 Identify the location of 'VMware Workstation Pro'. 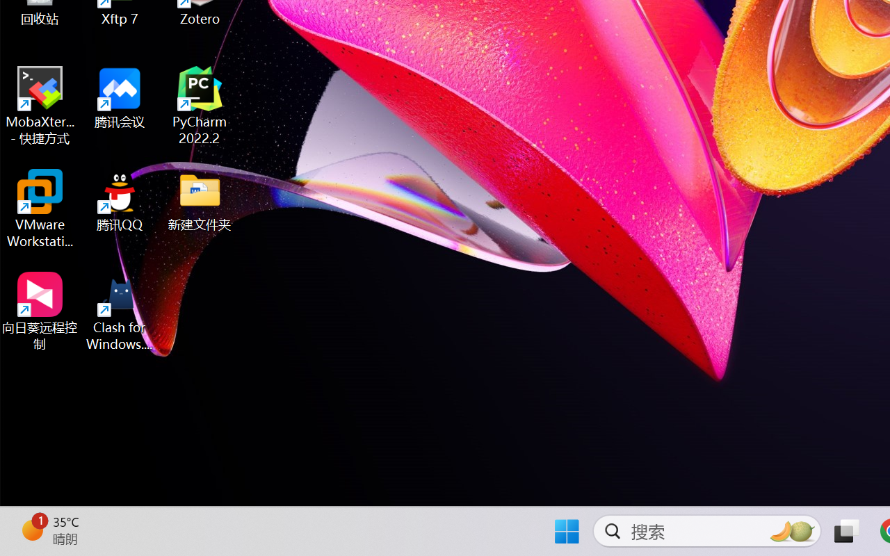
(40, 208).